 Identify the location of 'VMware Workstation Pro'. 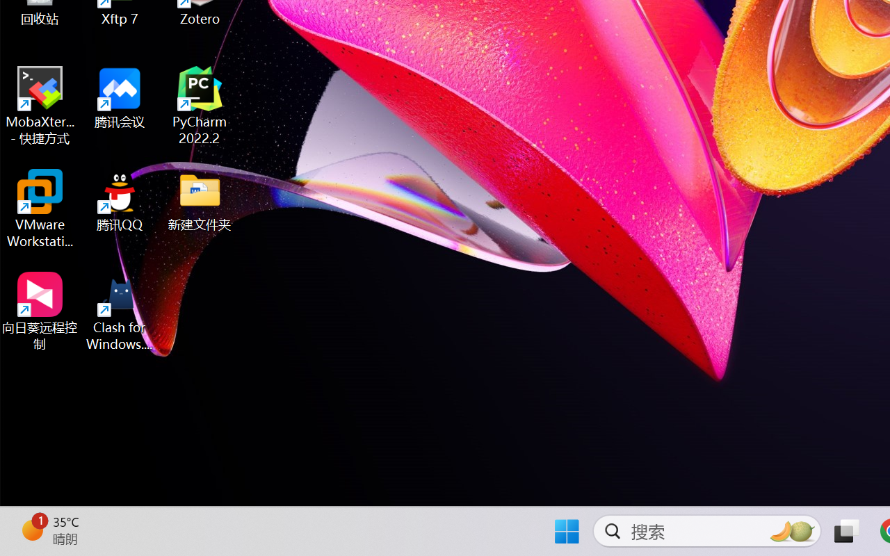
(40, 208).